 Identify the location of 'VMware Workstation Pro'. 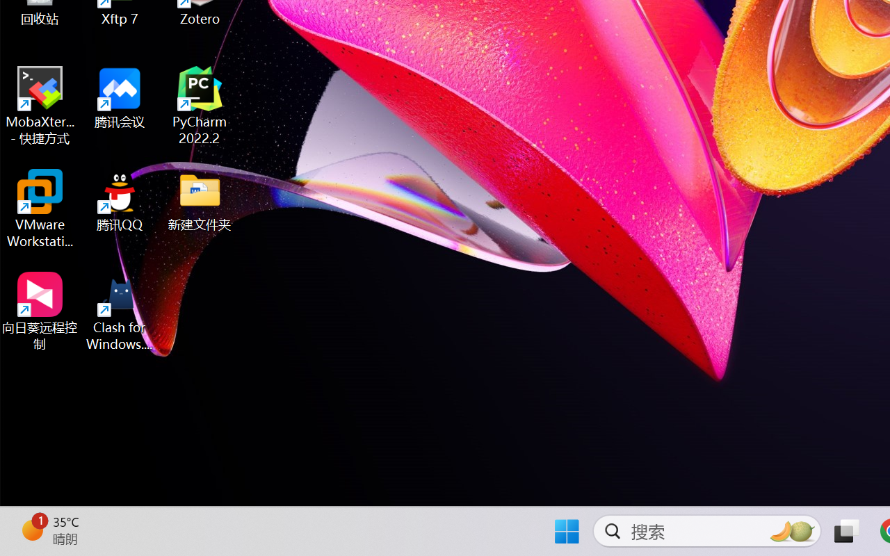
(40, 208).